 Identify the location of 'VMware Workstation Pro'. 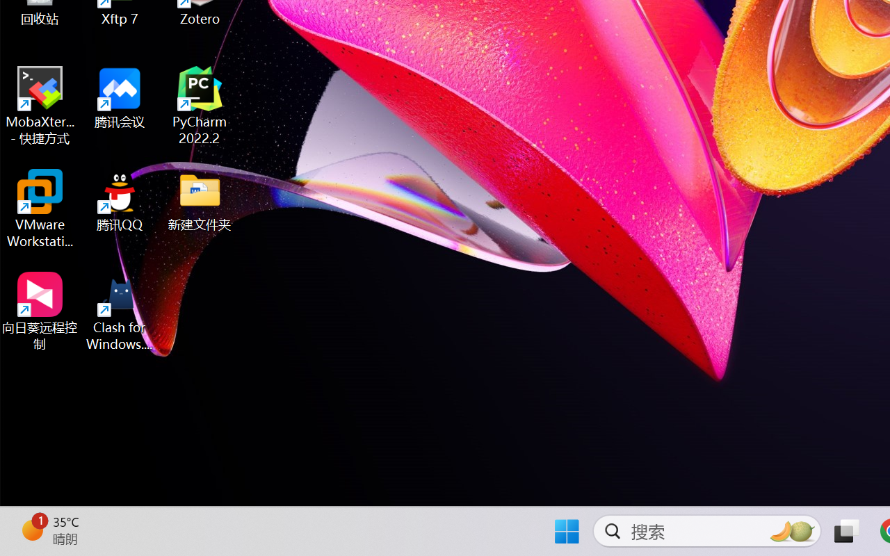
(40, 208).